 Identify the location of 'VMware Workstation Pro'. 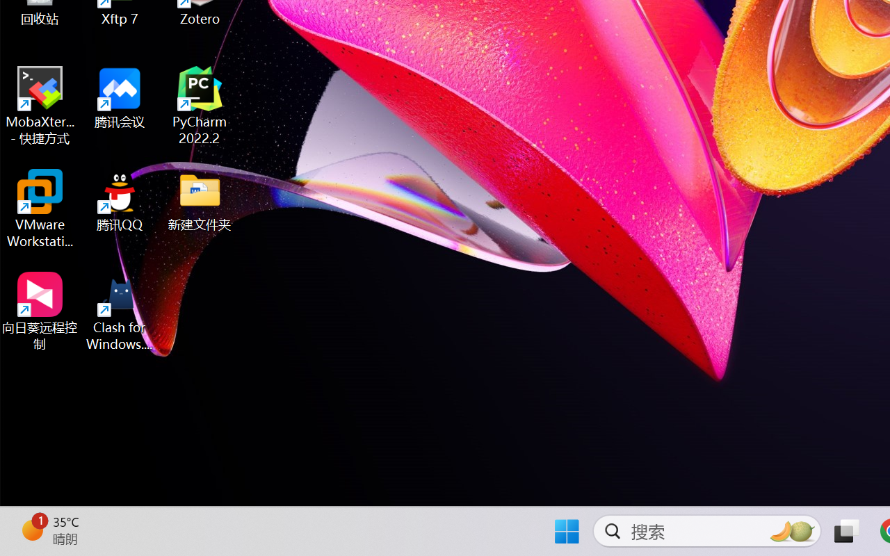
(40, 208).